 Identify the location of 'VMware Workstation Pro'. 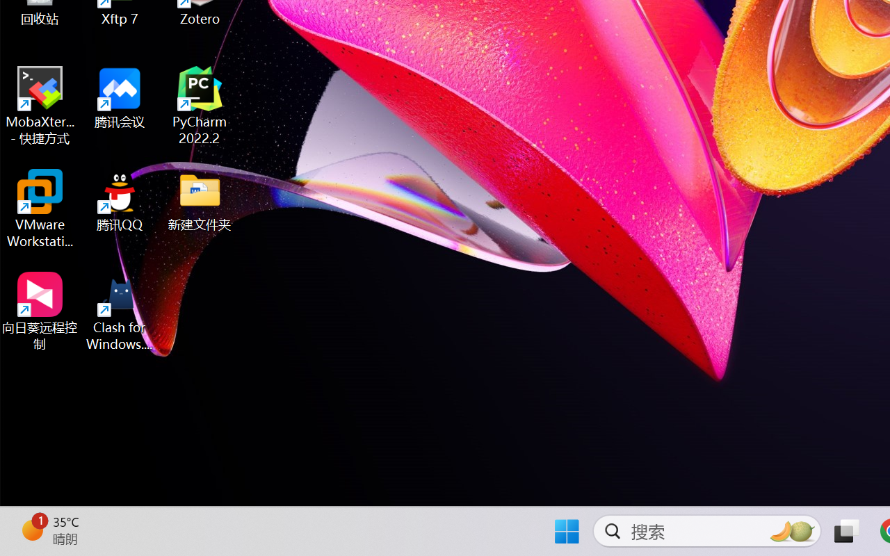
(40, 208).